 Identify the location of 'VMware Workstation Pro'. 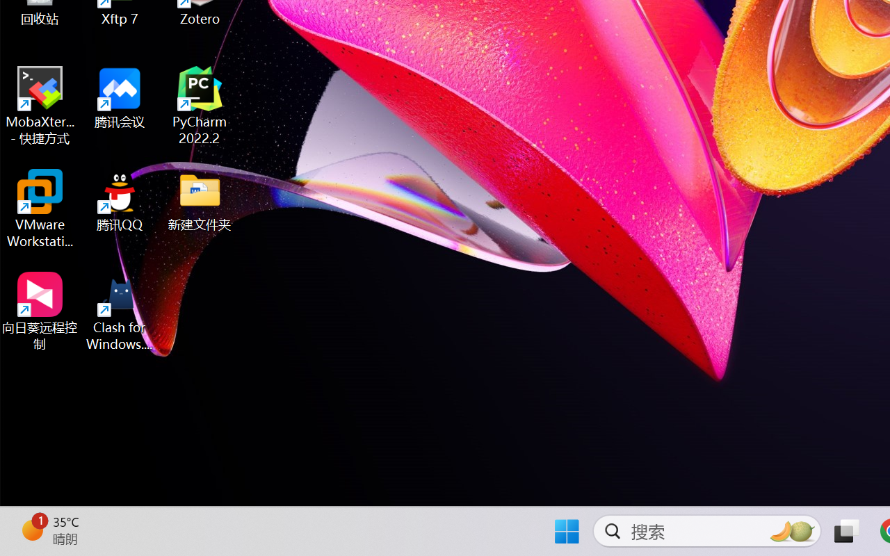
(40, 208).